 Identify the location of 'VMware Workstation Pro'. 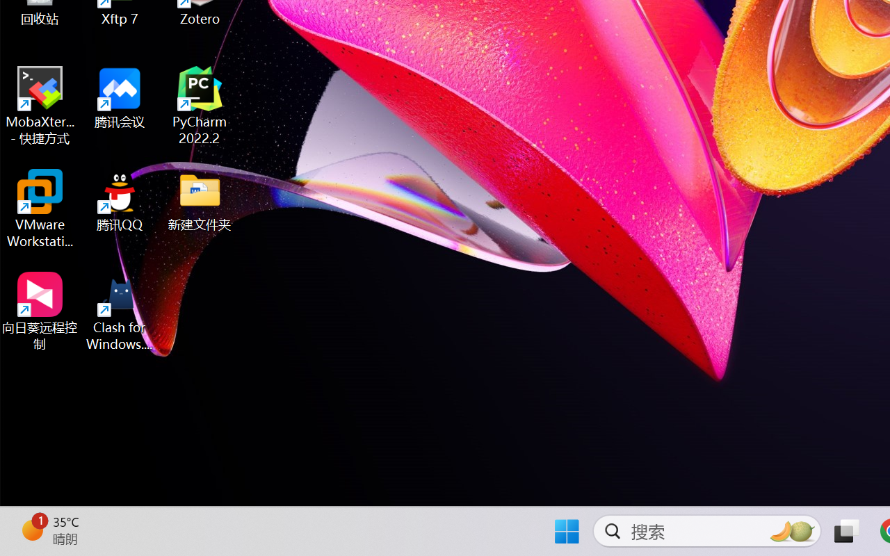
(40, 208).